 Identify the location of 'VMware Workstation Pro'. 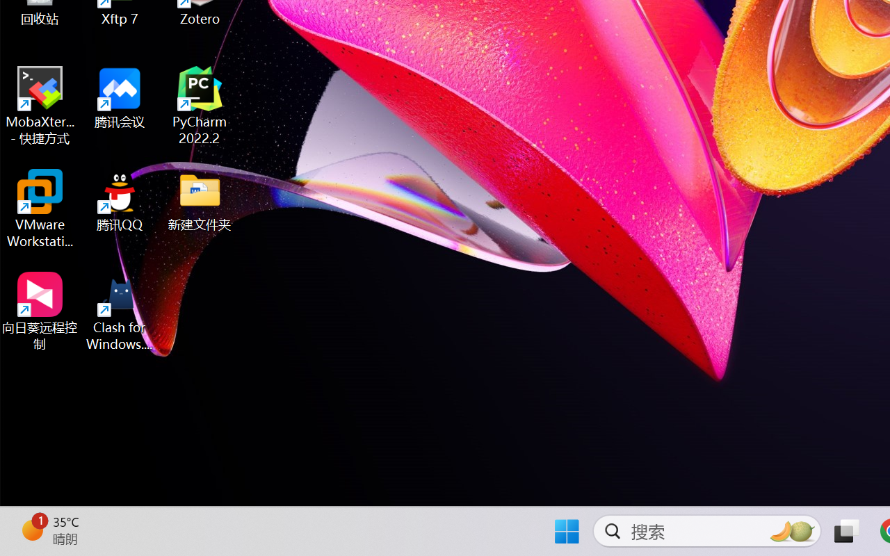
(40, 208).